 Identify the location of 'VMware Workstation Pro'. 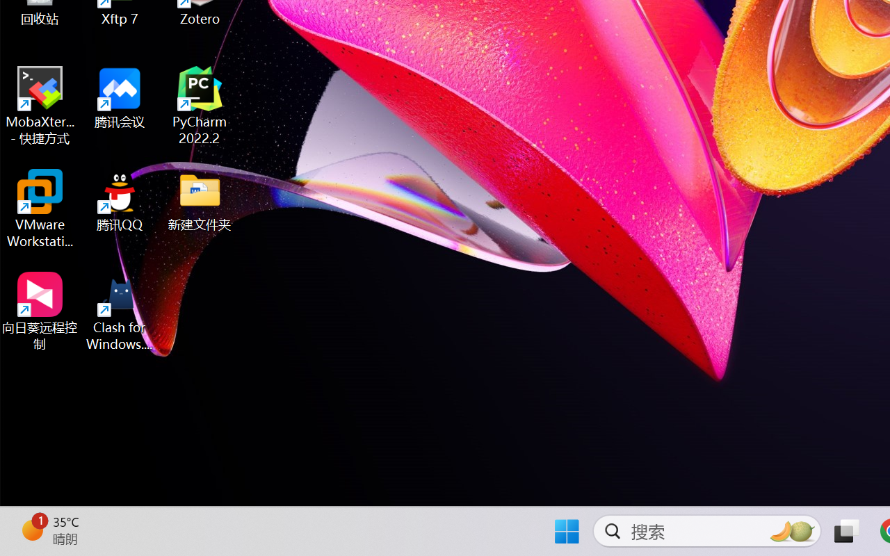
(40, 208).